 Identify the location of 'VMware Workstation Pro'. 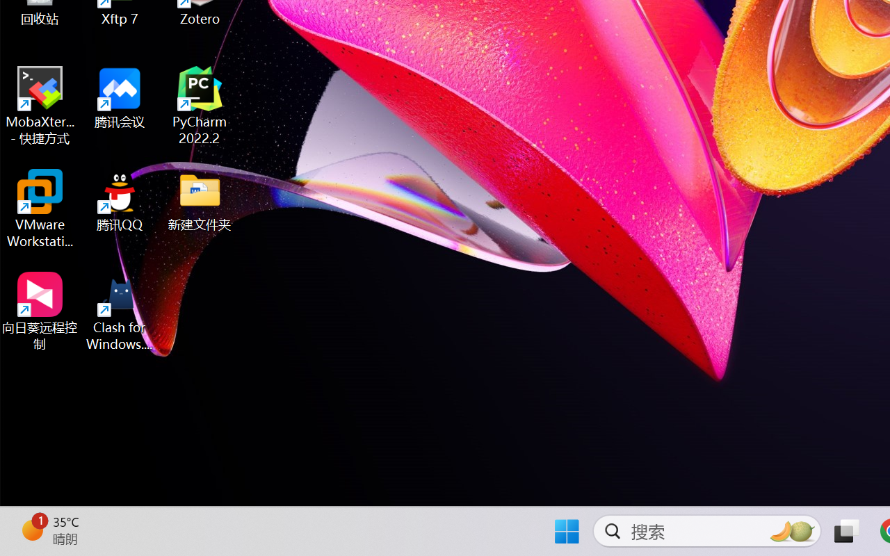
(40, 208).